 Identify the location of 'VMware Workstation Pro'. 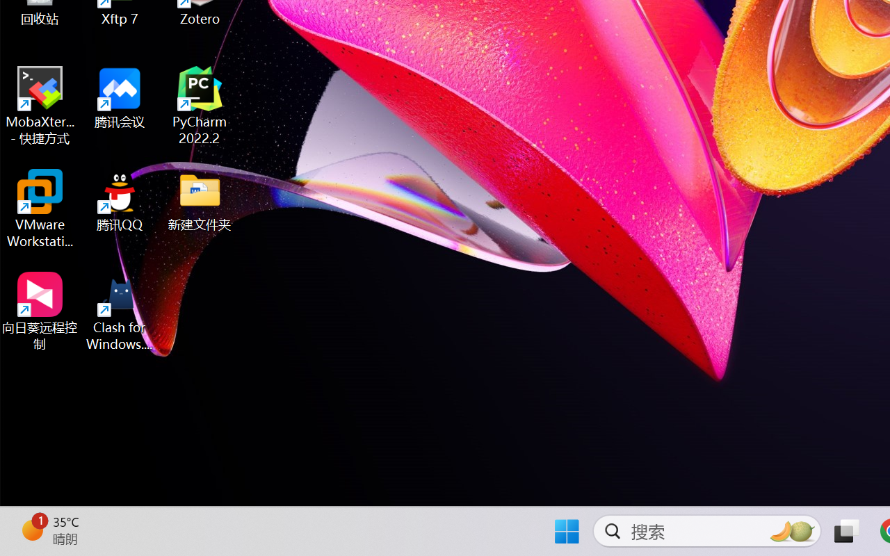
(40, 208).